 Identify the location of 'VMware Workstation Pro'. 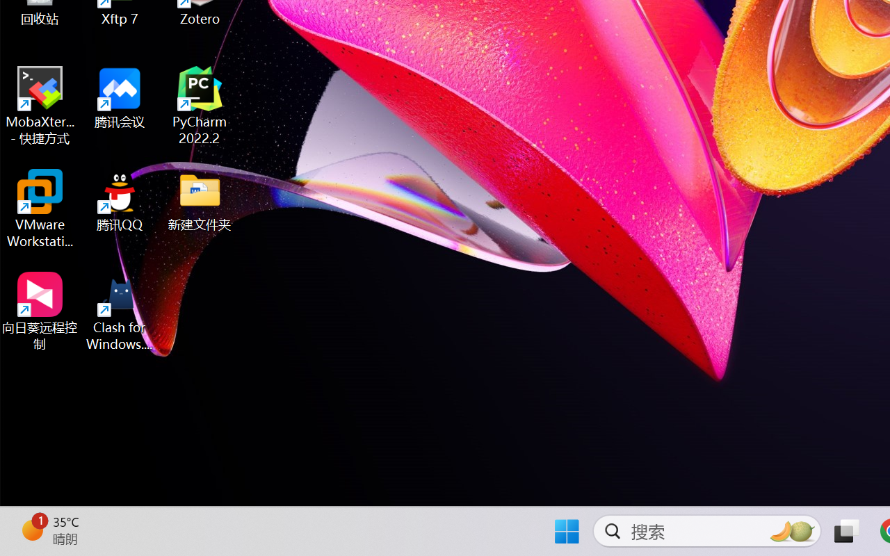
(40, 208).